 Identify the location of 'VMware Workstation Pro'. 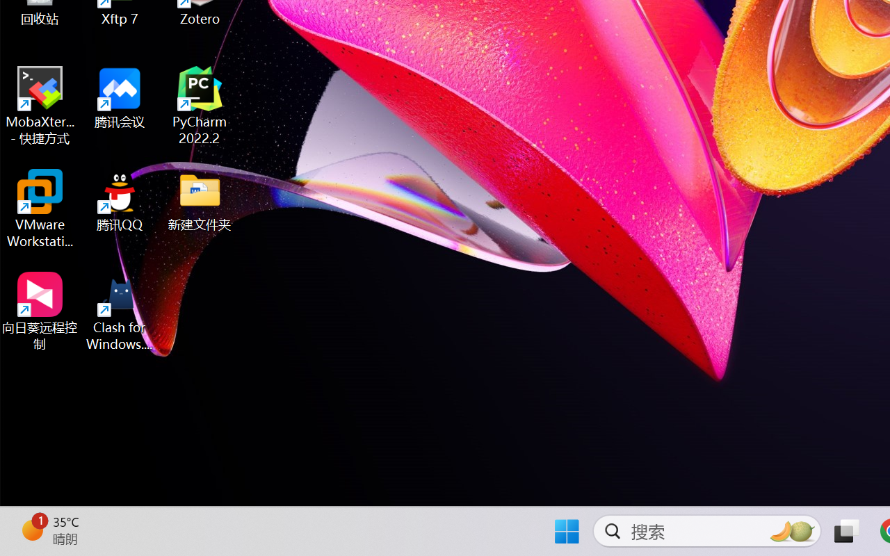
(40, 208).